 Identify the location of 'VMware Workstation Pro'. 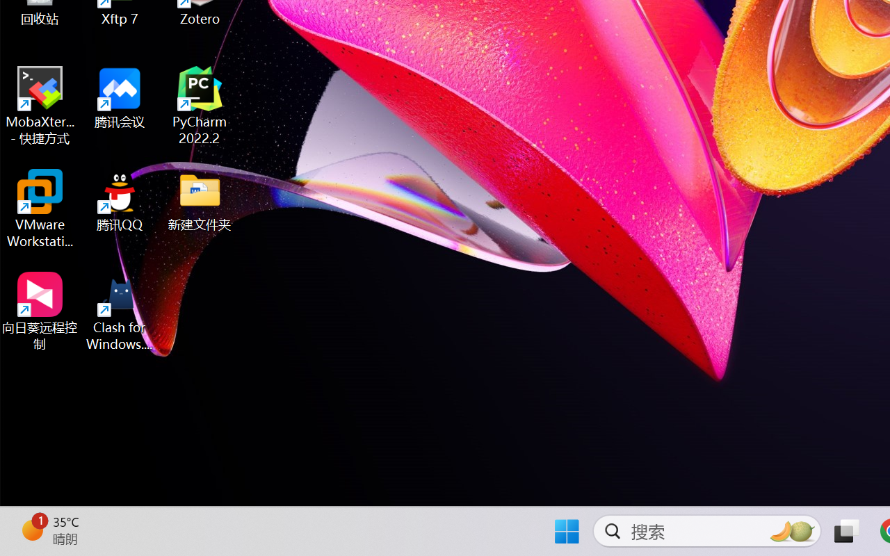
(40, 208).